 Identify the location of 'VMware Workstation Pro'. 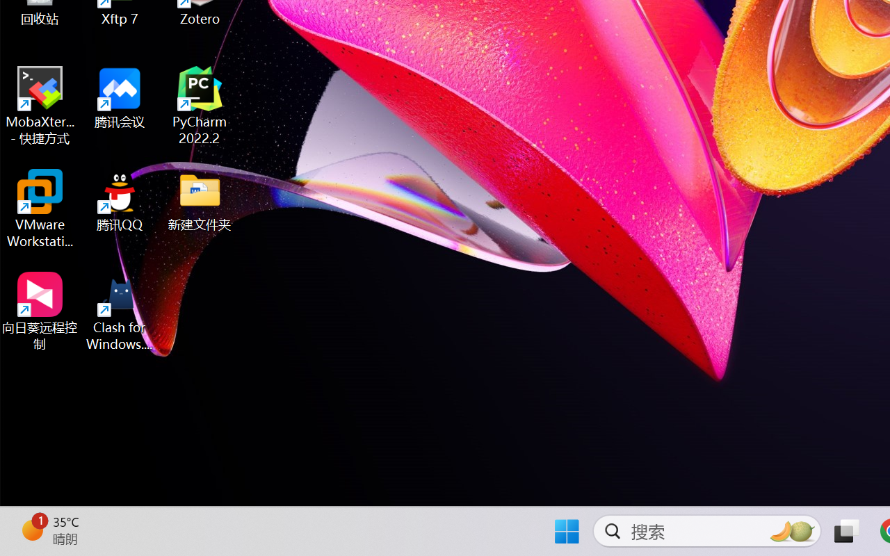
(40, 208).